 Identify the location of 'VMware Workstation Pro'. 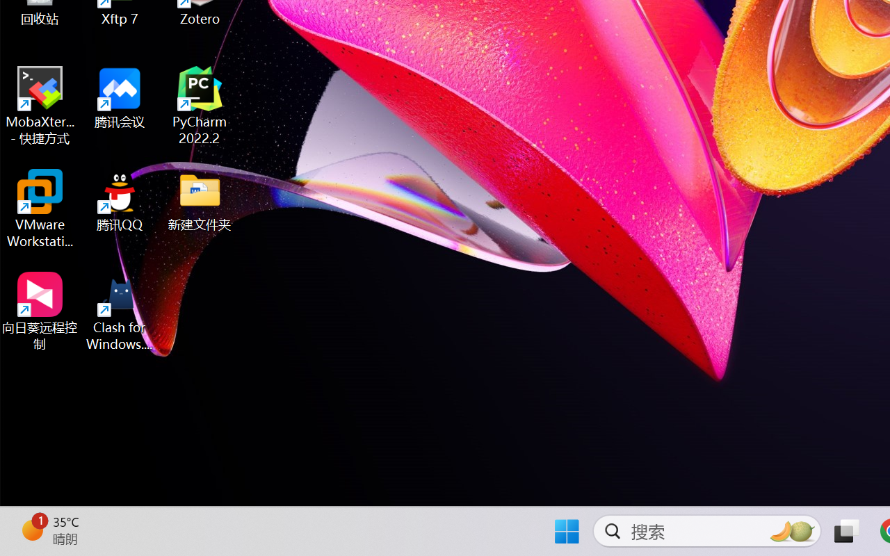
(40, 208).